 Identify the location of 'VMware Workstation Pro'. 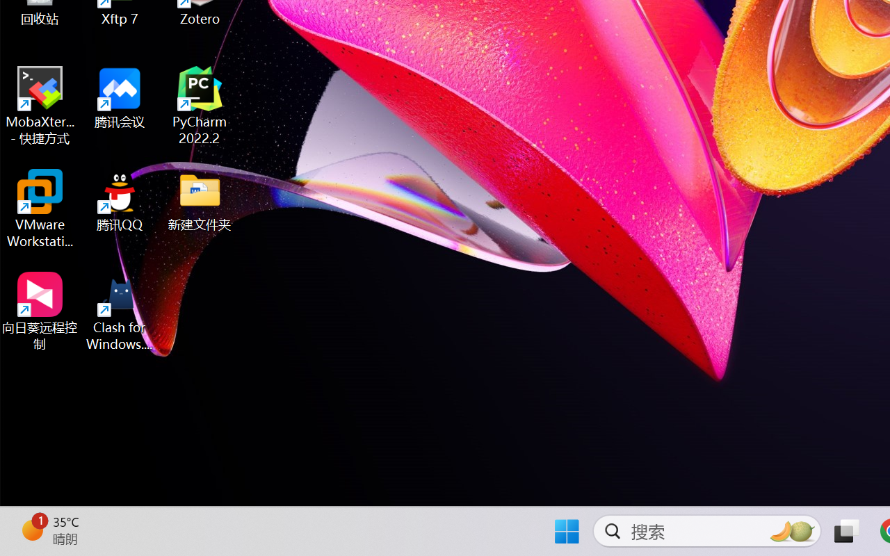
(40, 208).